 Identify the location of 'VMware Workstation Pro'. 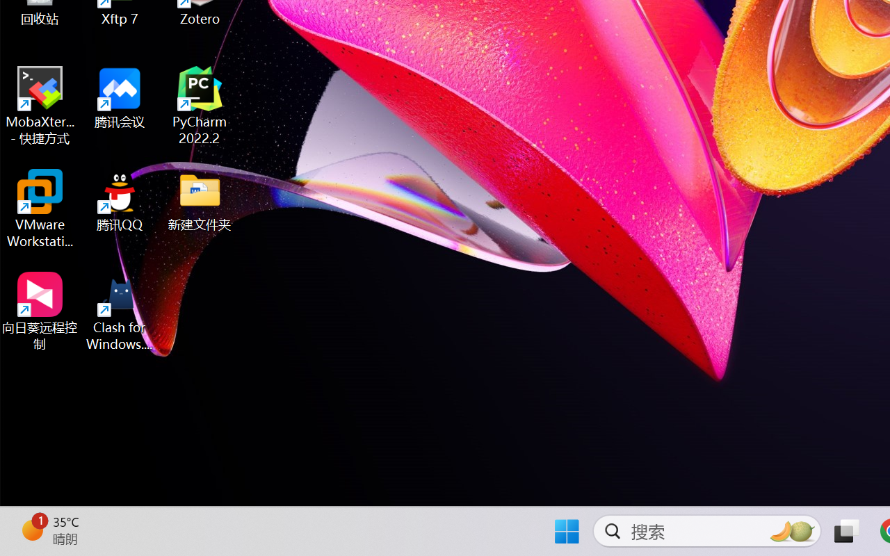
(40, 208).